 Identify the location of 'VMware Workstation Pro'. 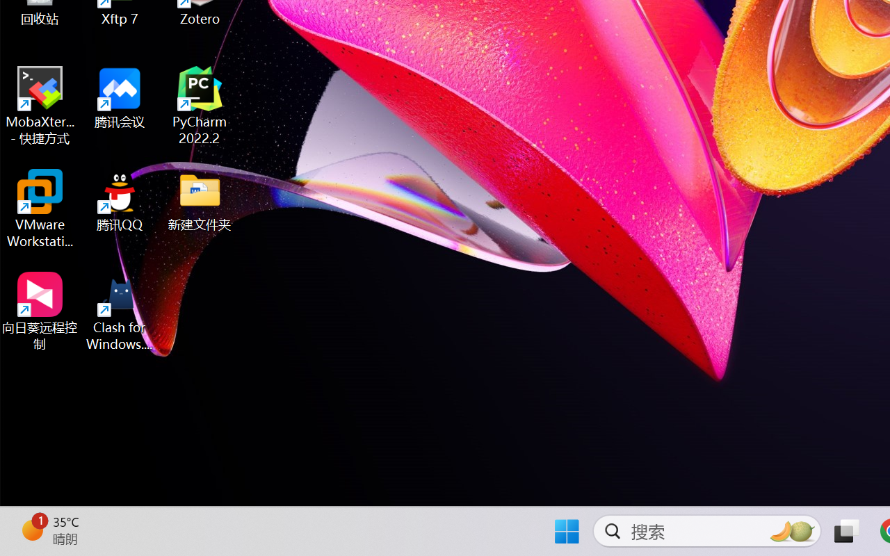
(40, 208).